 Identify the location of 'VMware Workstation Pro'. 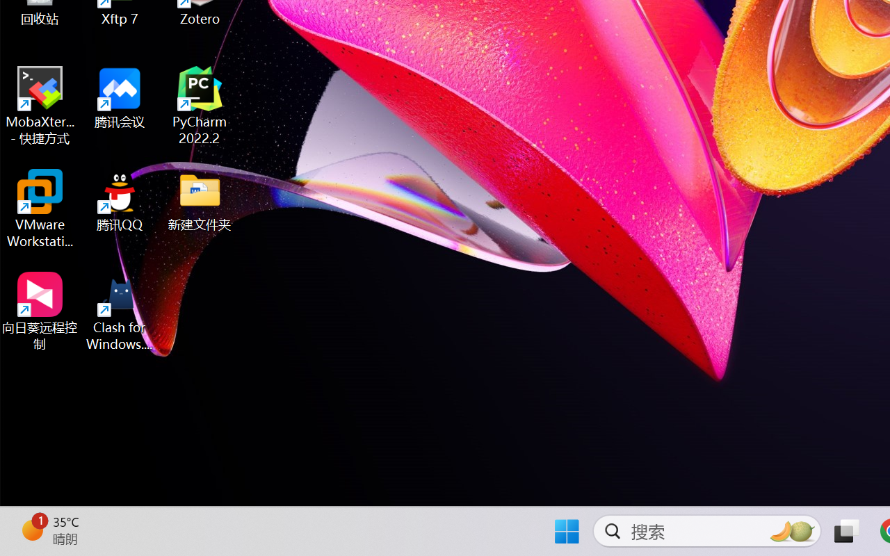
(40, 208).